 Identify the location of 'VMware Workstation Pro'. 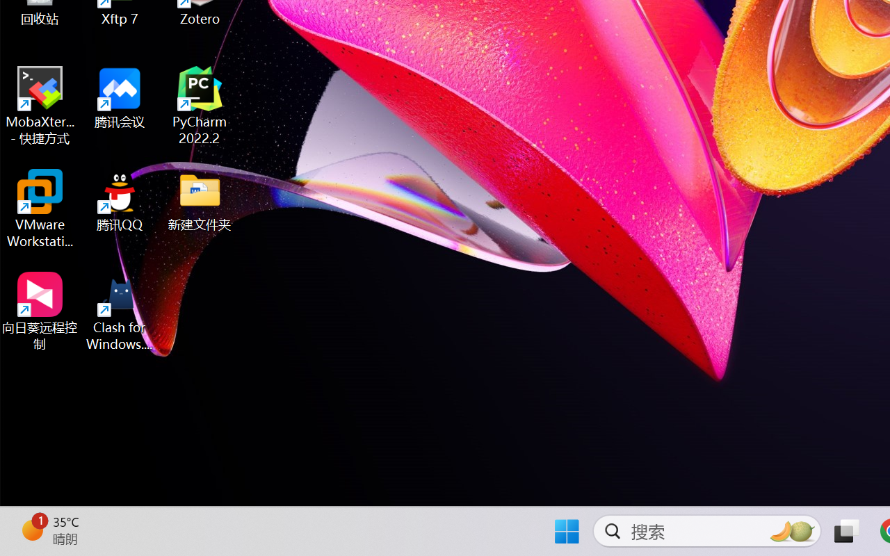
(40, 208).